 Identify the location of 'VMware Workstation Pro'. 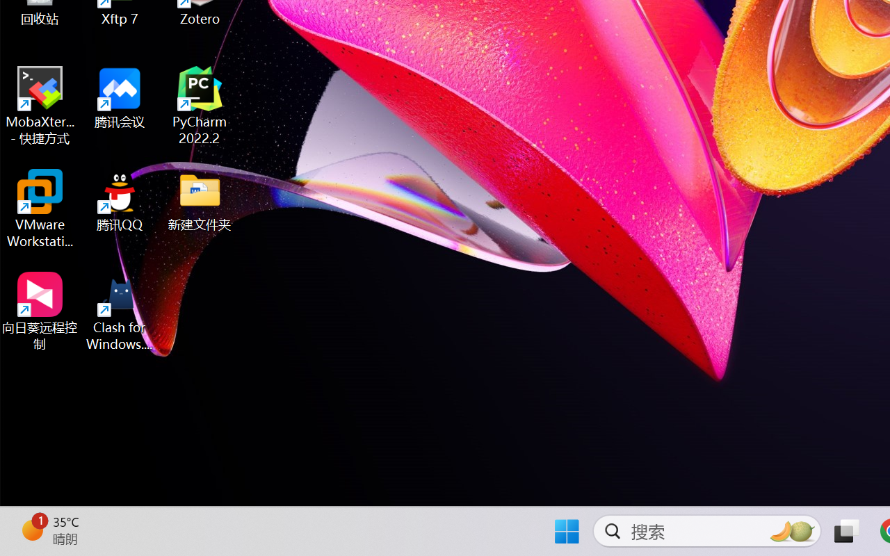
(40, 208).